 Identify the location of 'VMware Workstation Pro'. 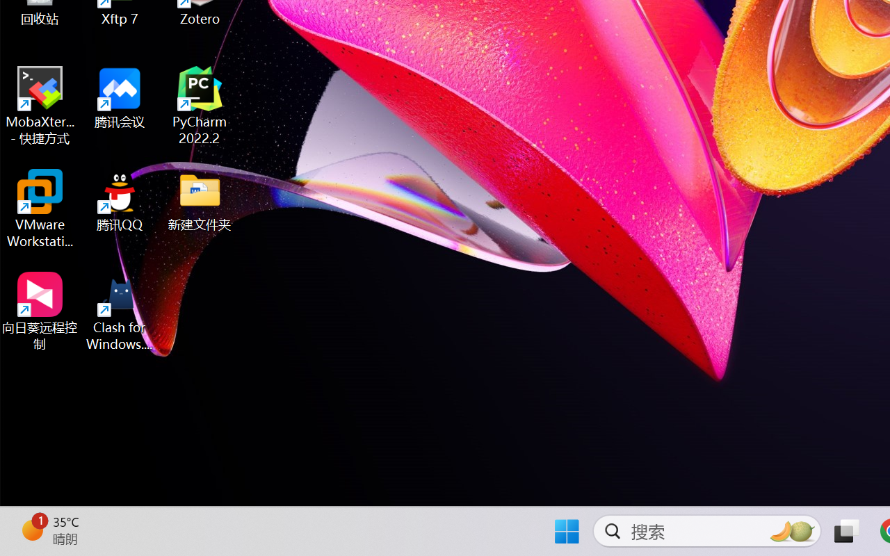
(40, 208).